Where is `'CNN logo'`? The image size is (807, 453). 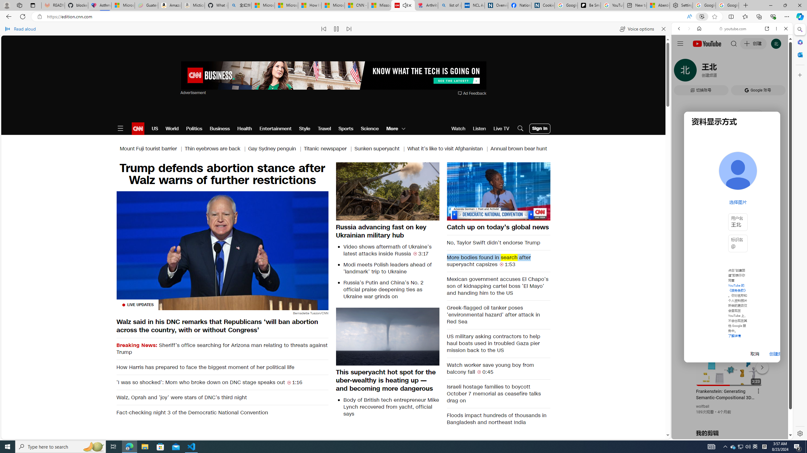
'CNN logo' is located at coordinates (137, 128).